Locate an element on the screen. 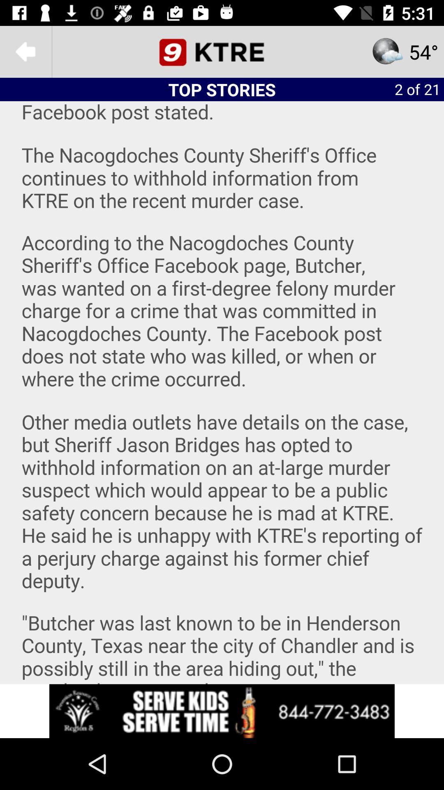 The width and height of the screenshot is (444, 790). open the specific page is located at coordinates (222, 51).